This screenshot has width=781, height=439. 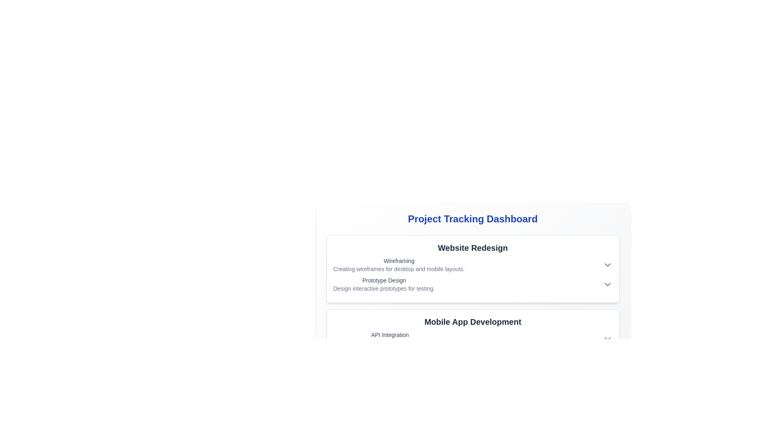 I want to click on the Static Text Label displaying 'API Integration' located under the section 'Mobile App Development', so click(x=389, y=335).